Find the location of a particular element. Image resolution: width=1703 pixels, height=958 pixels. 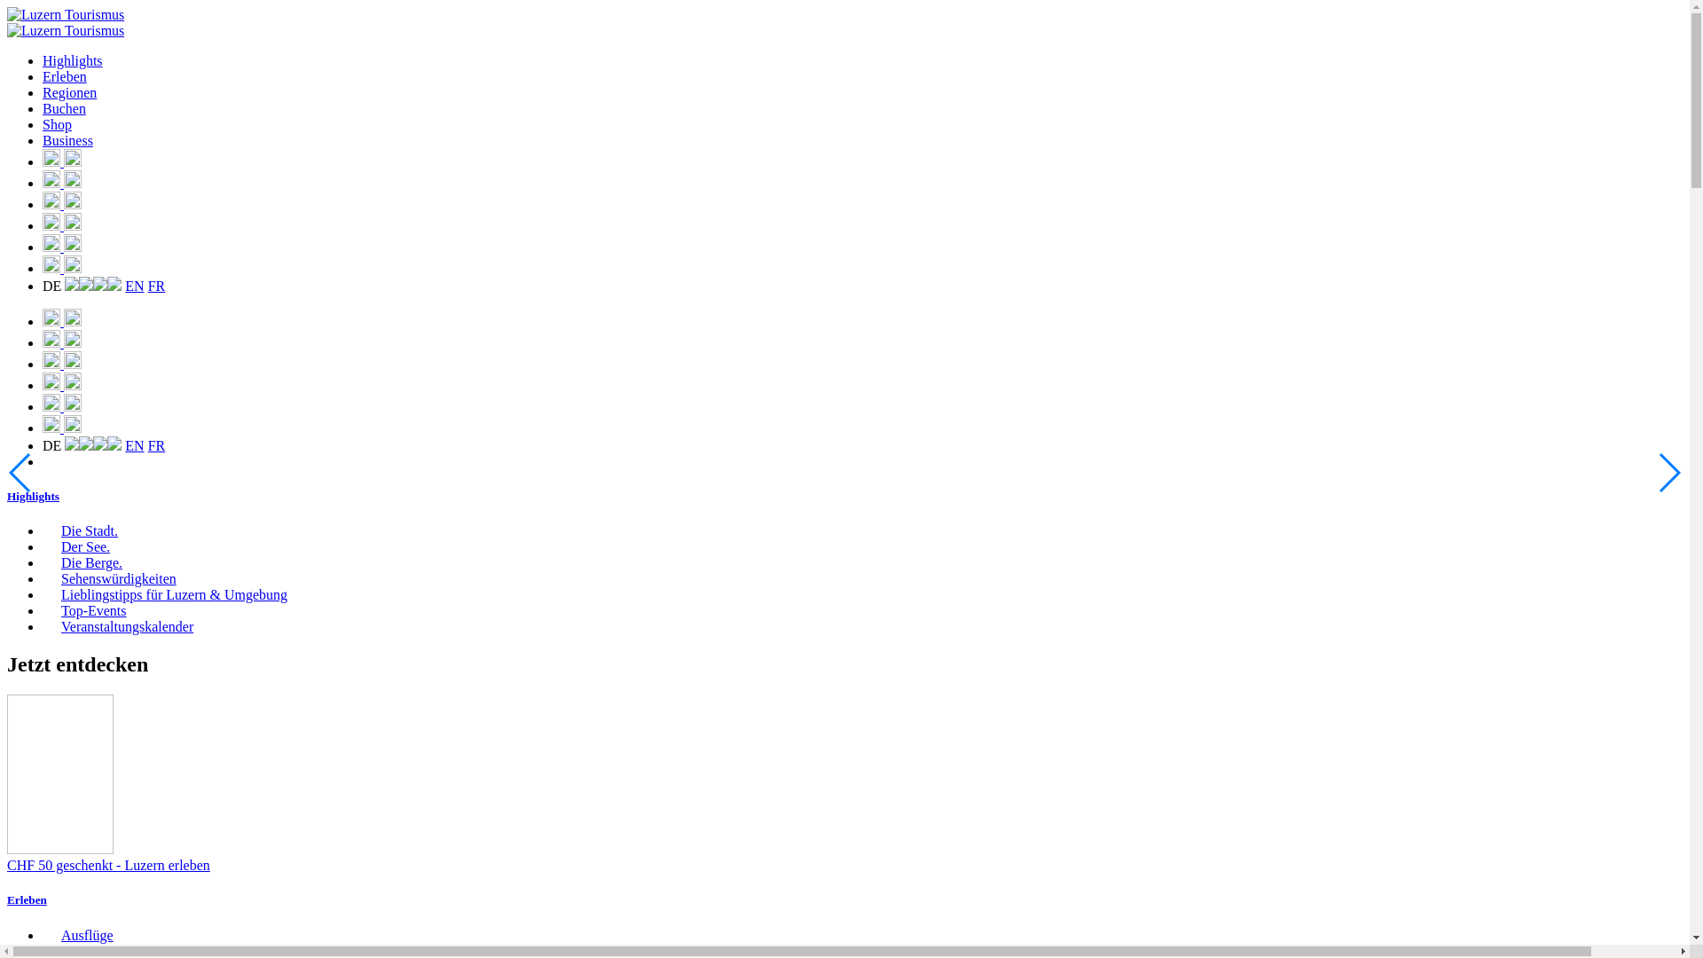

'EN' is located at coordinates (133, 444).